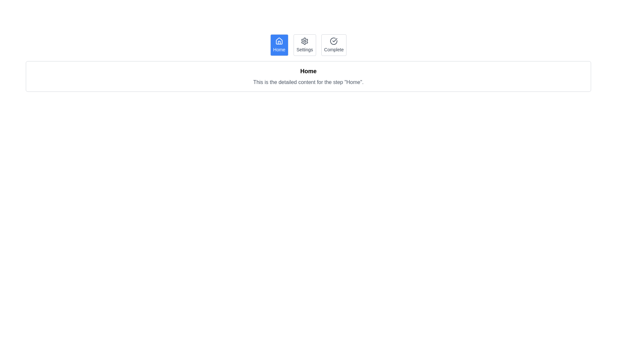 This screenshot has width=627, height=353. What do you see at coordinates (334, 45) in the screenshot?
I see `the 'Complete' button, which is a rectangular button with a white background and a checkmark icon, located to the right of the 'Settings' button and the far right of the 'Home' button` at bounding box center [334, 45].